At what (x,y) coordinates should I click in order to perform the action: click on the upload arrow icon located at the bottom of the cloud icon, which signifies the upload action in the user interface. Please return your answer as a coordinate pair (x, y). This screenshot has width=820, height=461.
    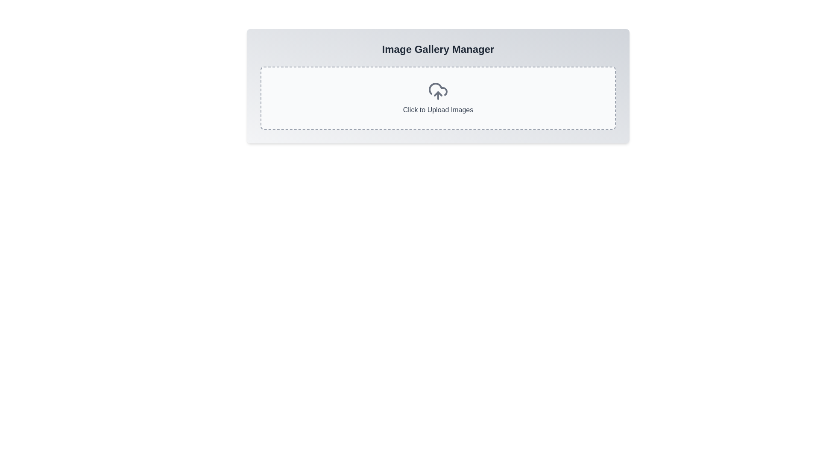
    Looking at the image, I should click on (438, 93).